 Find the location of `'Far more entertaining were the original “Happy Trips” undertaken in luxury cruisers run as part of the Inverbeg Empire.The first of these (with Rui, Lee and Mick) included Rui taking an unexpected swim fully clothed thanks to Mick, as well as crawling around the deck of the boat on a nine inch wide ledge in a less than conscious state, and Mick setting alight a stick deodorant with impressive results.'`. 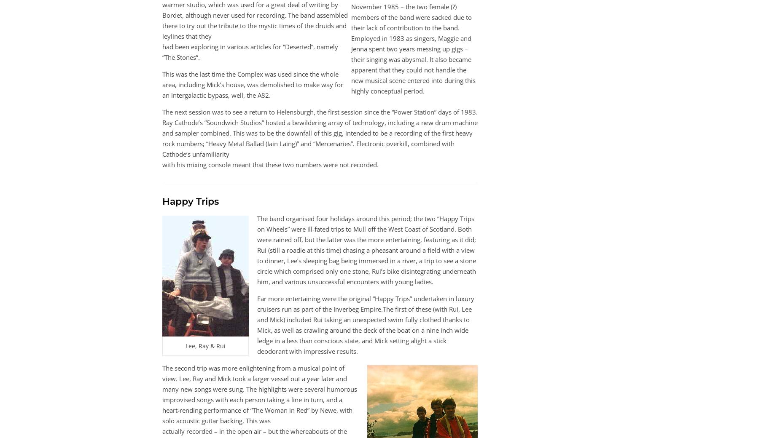

'Far more entertaining were the original “Happy Trips” undertaken in luxury cruisers run as part of the Inverbeg Empire.The first of these (with Rui, Lee and Mick) included Rui taking an unexpected swim fully clothed thanks to Mick, as well as crawling around the deck of the boat on a nine inch wide ledge in a less than conscious state, and Mick setting alight a stick deodorant with impressive results.' is located at coordinates (366, 325).